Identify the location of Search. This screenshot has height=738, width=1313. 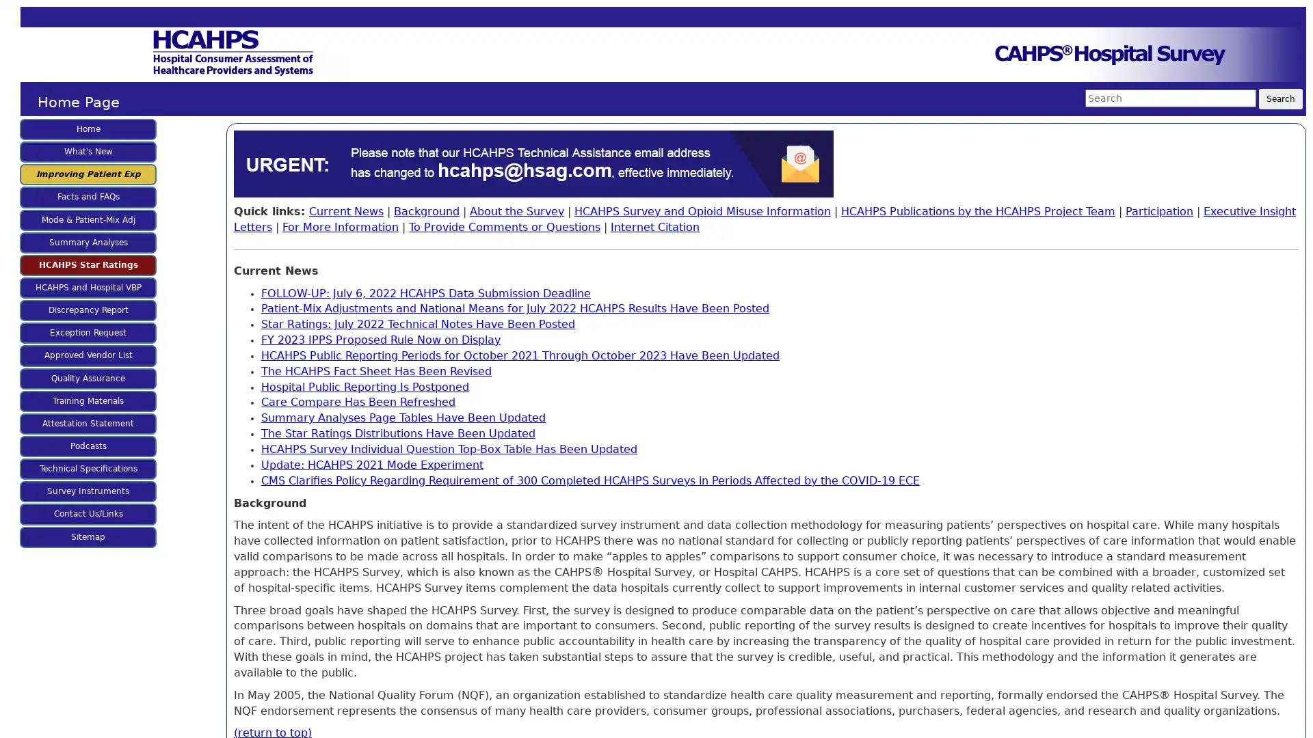
(1279, 98).